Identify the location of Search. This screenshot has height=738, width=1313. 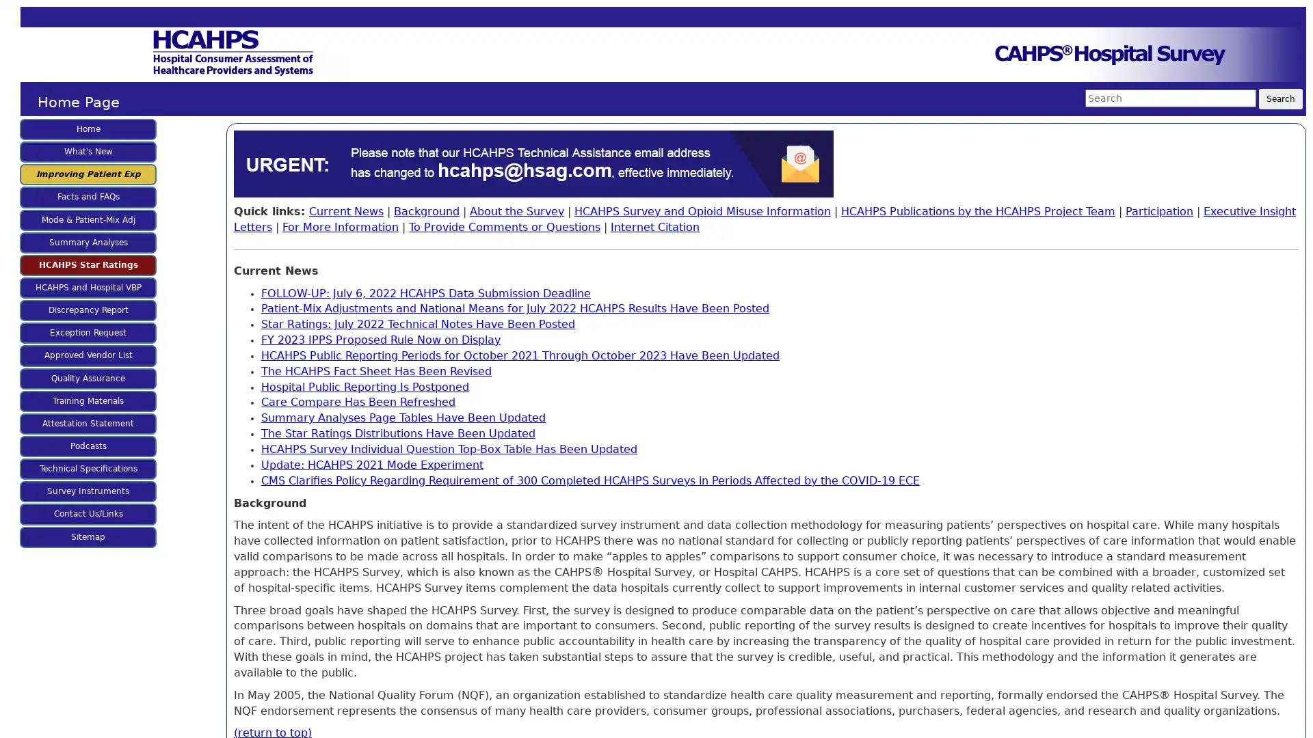
(1279, 98).